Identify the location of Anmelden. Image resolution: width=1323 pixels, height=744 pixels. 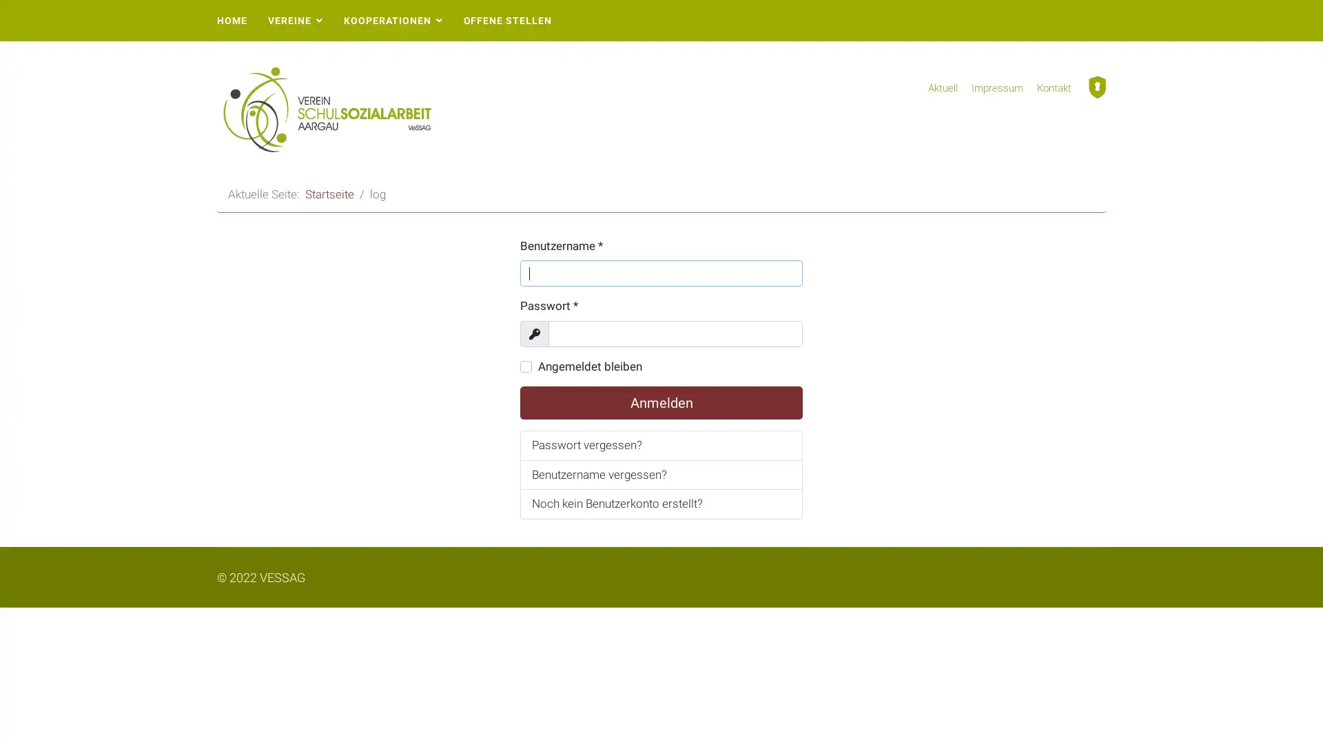
(661, 403).